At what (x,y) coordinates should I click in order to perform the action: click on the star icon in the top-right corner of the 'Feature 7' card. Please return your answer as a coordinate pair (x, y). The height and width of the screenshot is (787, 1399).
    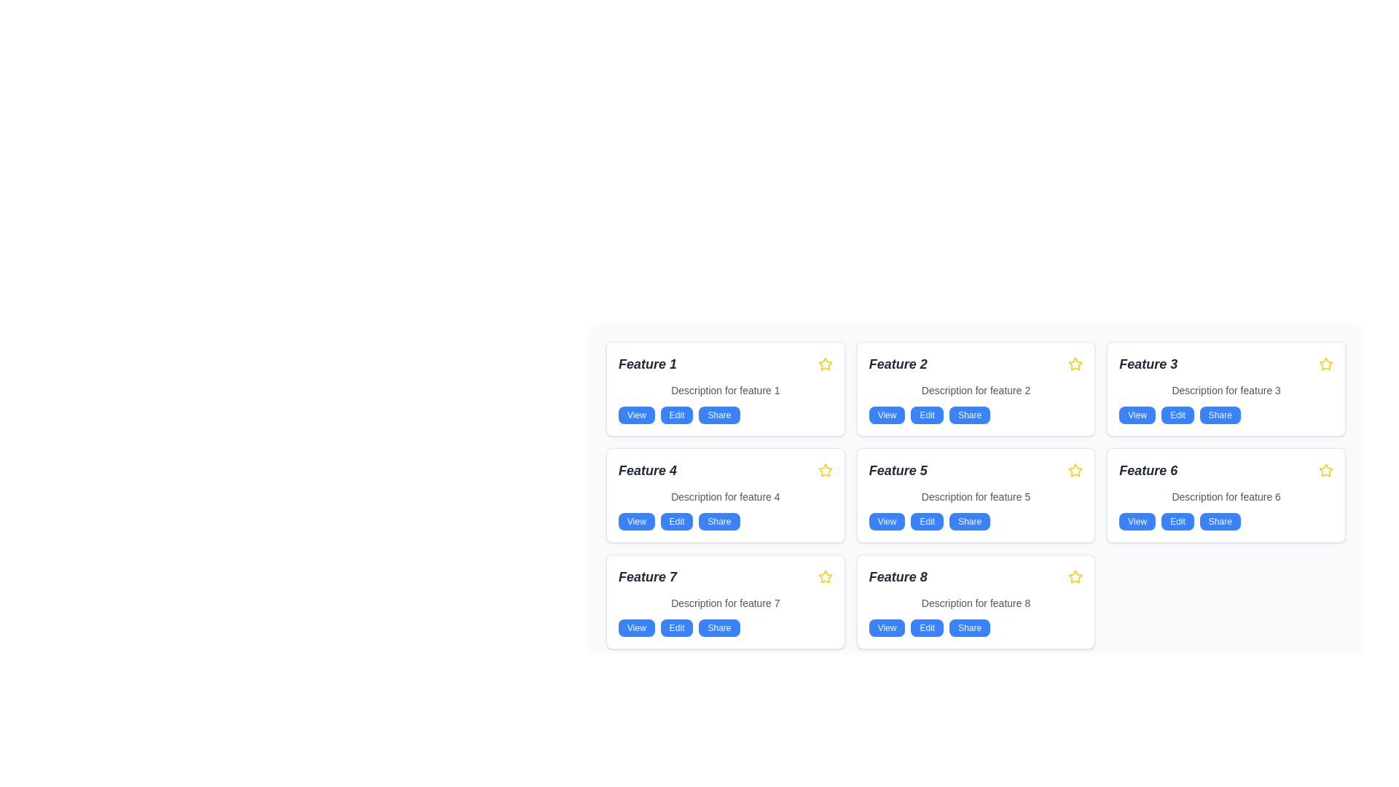
    Looking at the image, I should click on (825, 576).